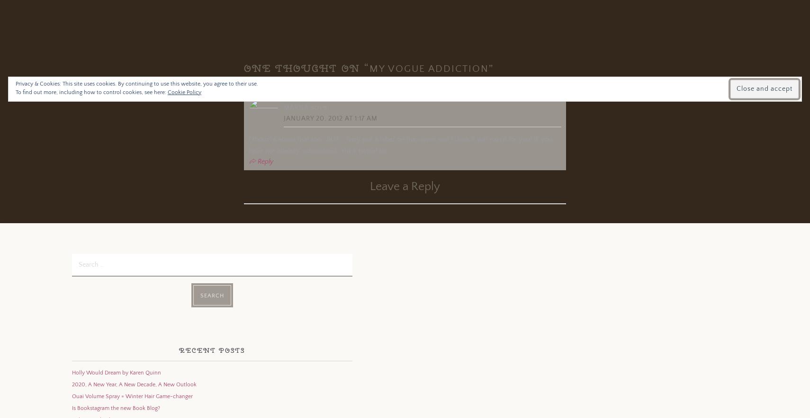 This screenshot has height=418, width=810. I want to click on 'I thought about that too.. BUT…. they put a label on the cover and I think it will ruin it for you! IF you have not already subscribed.. think twice! lol', so click(400, 145).